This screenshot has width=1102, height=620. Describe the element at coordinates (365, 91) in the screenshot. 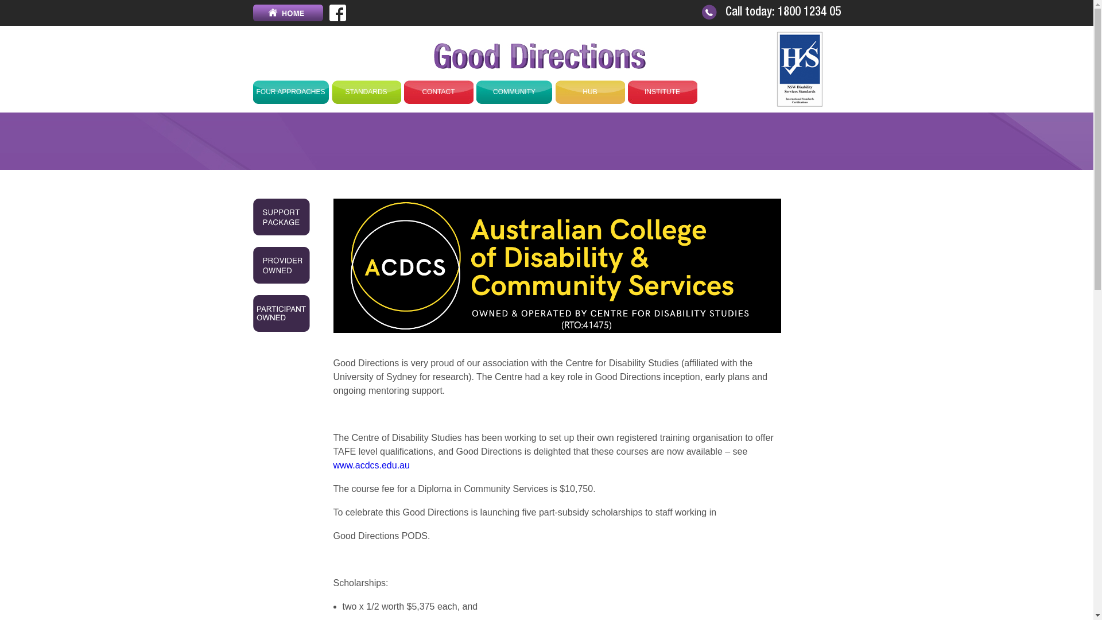

I see `'STANDARDS'` at that location.